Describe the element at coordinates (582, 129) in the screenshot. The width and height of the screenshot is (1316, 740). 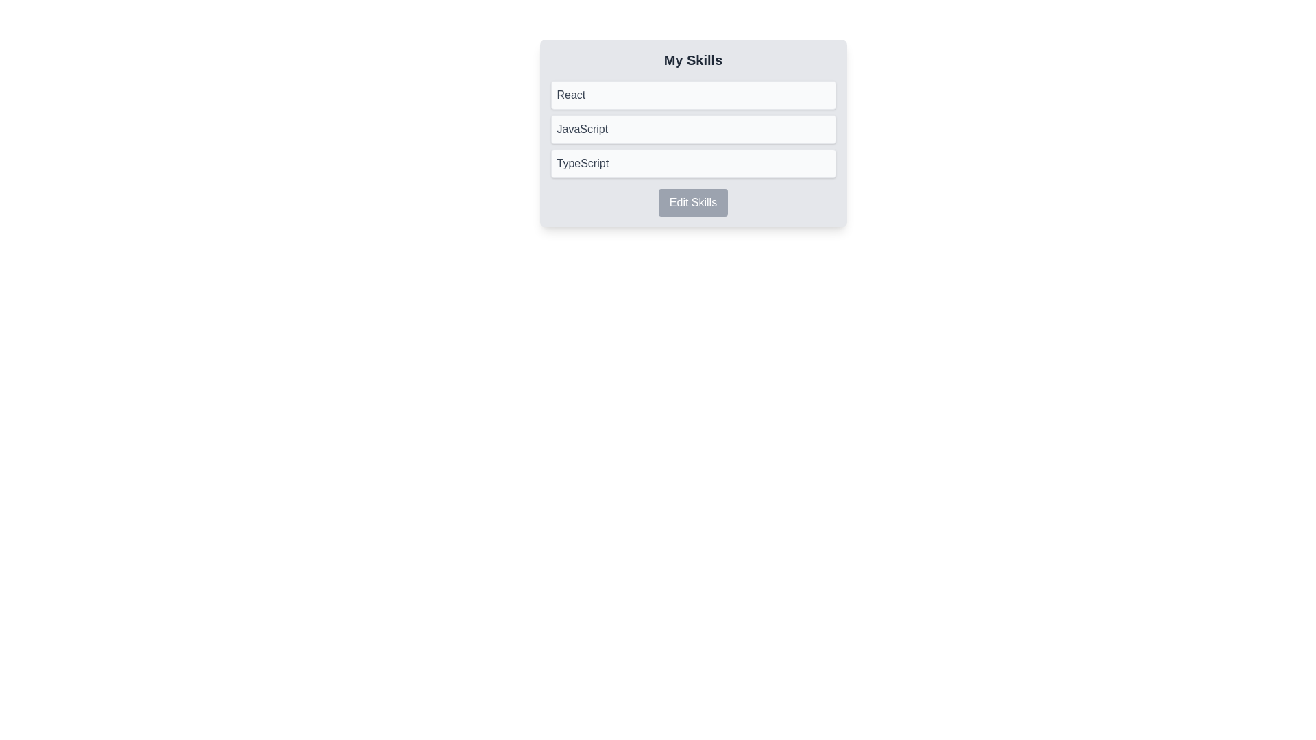
I see `the text label displaying 'JavaScript' in a gray font, located within the second card of a skill listing interface` at that location.